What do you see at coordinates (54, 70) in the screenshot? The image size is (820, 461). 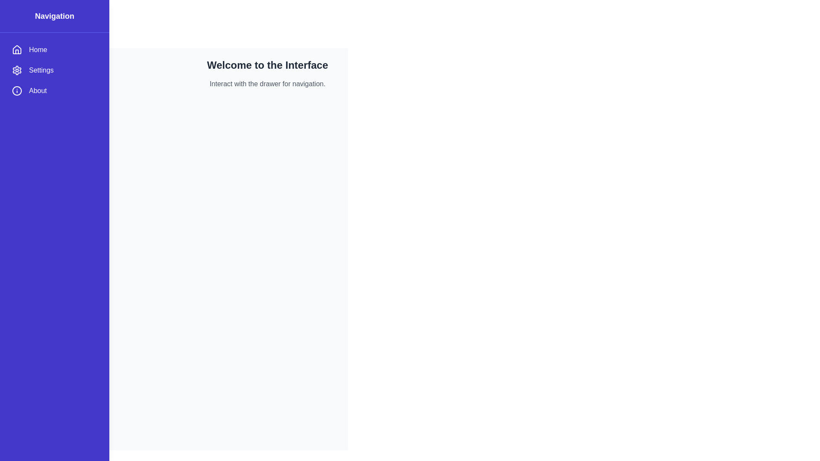 I see `the menu item Settings to navigate to the corresponding section` at bounding box center [54, 70].